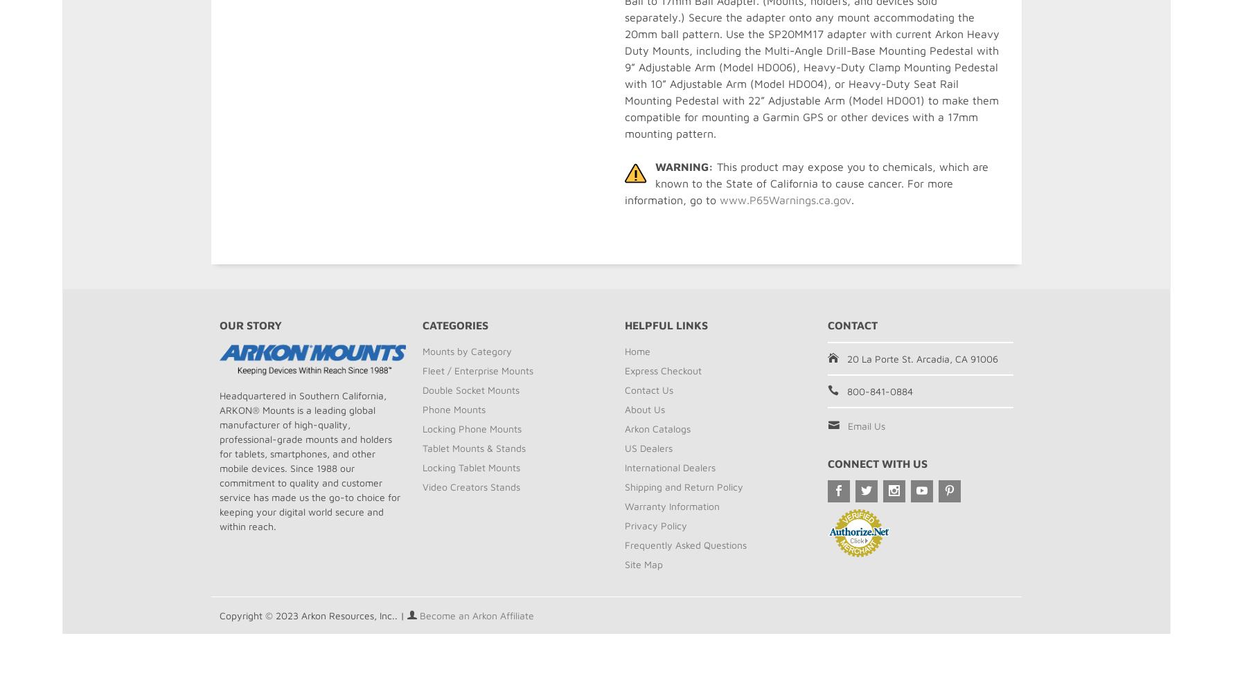 This screenshot has height=692, width=1233. I want to click on 'About Us', so click(624, 408).